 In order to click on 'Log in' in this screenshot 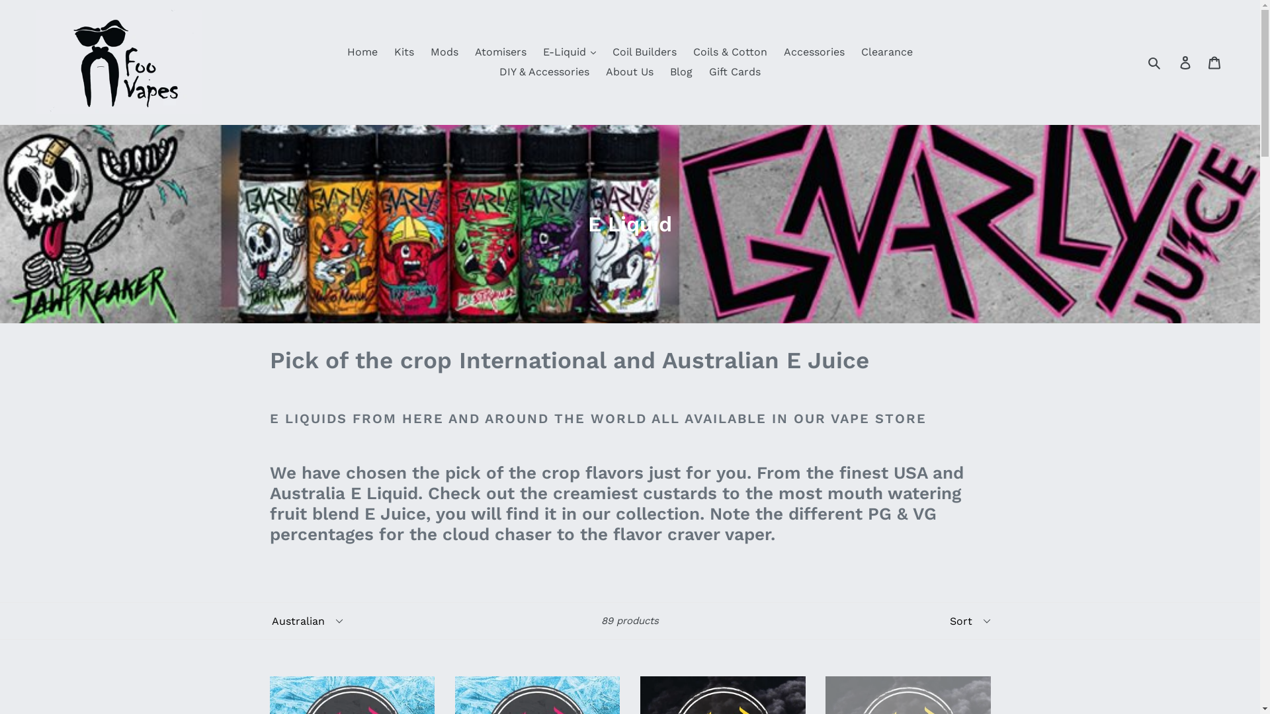, I will do `click(1186, 61)`.